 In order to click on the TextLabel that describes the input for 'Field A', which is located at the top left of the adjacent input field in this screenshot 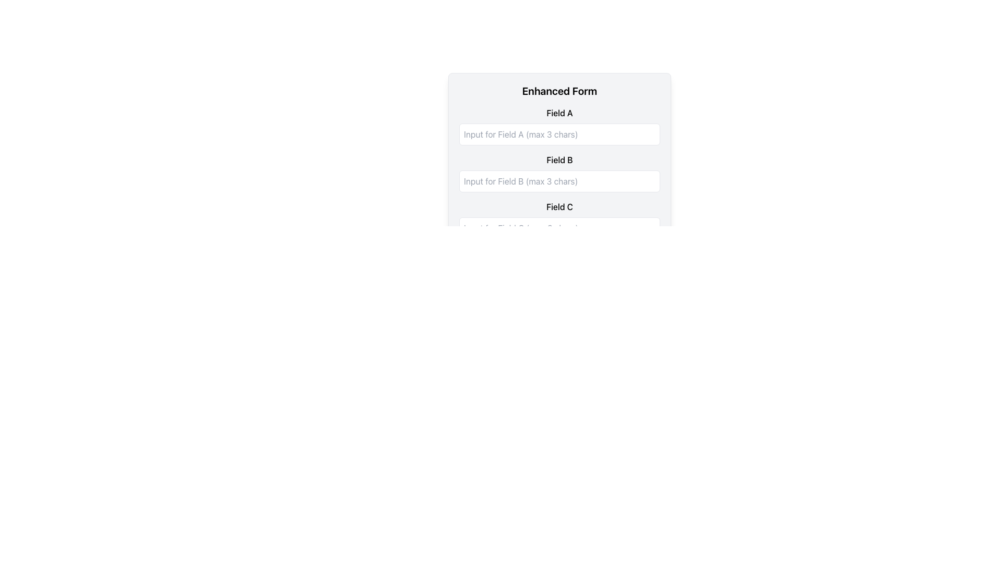, I will do `click(559, 113)`.